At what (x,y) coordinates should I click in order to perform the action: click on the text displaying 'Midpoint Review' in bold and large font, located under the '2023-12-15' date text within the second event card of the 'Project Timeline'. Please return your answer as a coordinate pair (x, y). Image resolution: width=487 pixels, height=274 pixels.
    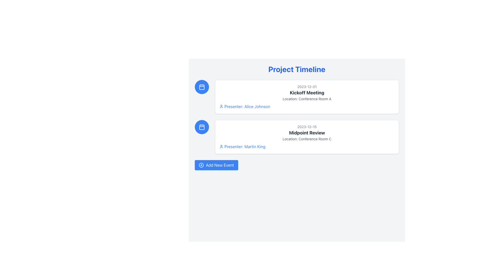
    Looking at the image, I should click on (307, 133).